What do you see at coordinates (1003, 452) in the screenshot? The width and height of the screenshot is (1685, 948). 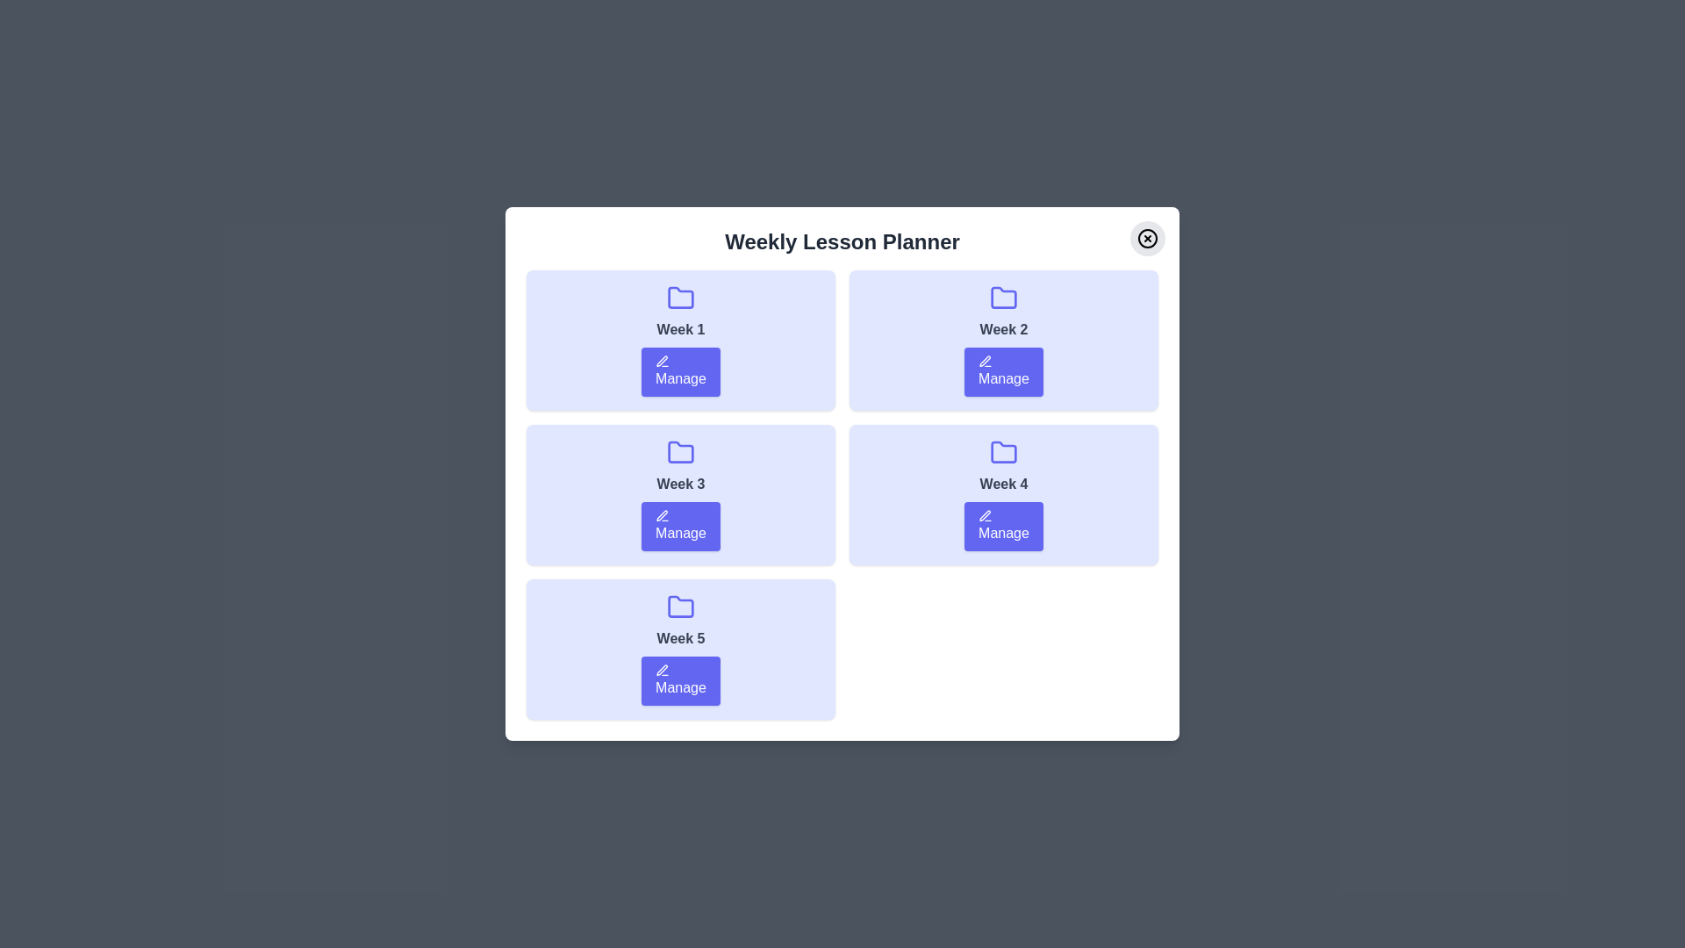 I see `the folder icon for Week 4` at bounding box center [1003, 452].